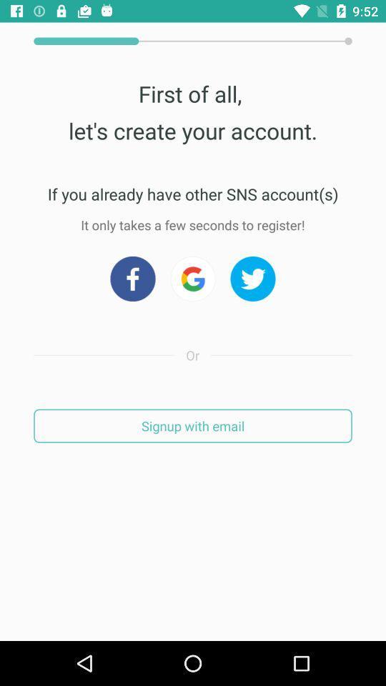 Image resolution: width=386 pixels, height=686 pixels. I want to click on the refresh icon, so click(193, 278).